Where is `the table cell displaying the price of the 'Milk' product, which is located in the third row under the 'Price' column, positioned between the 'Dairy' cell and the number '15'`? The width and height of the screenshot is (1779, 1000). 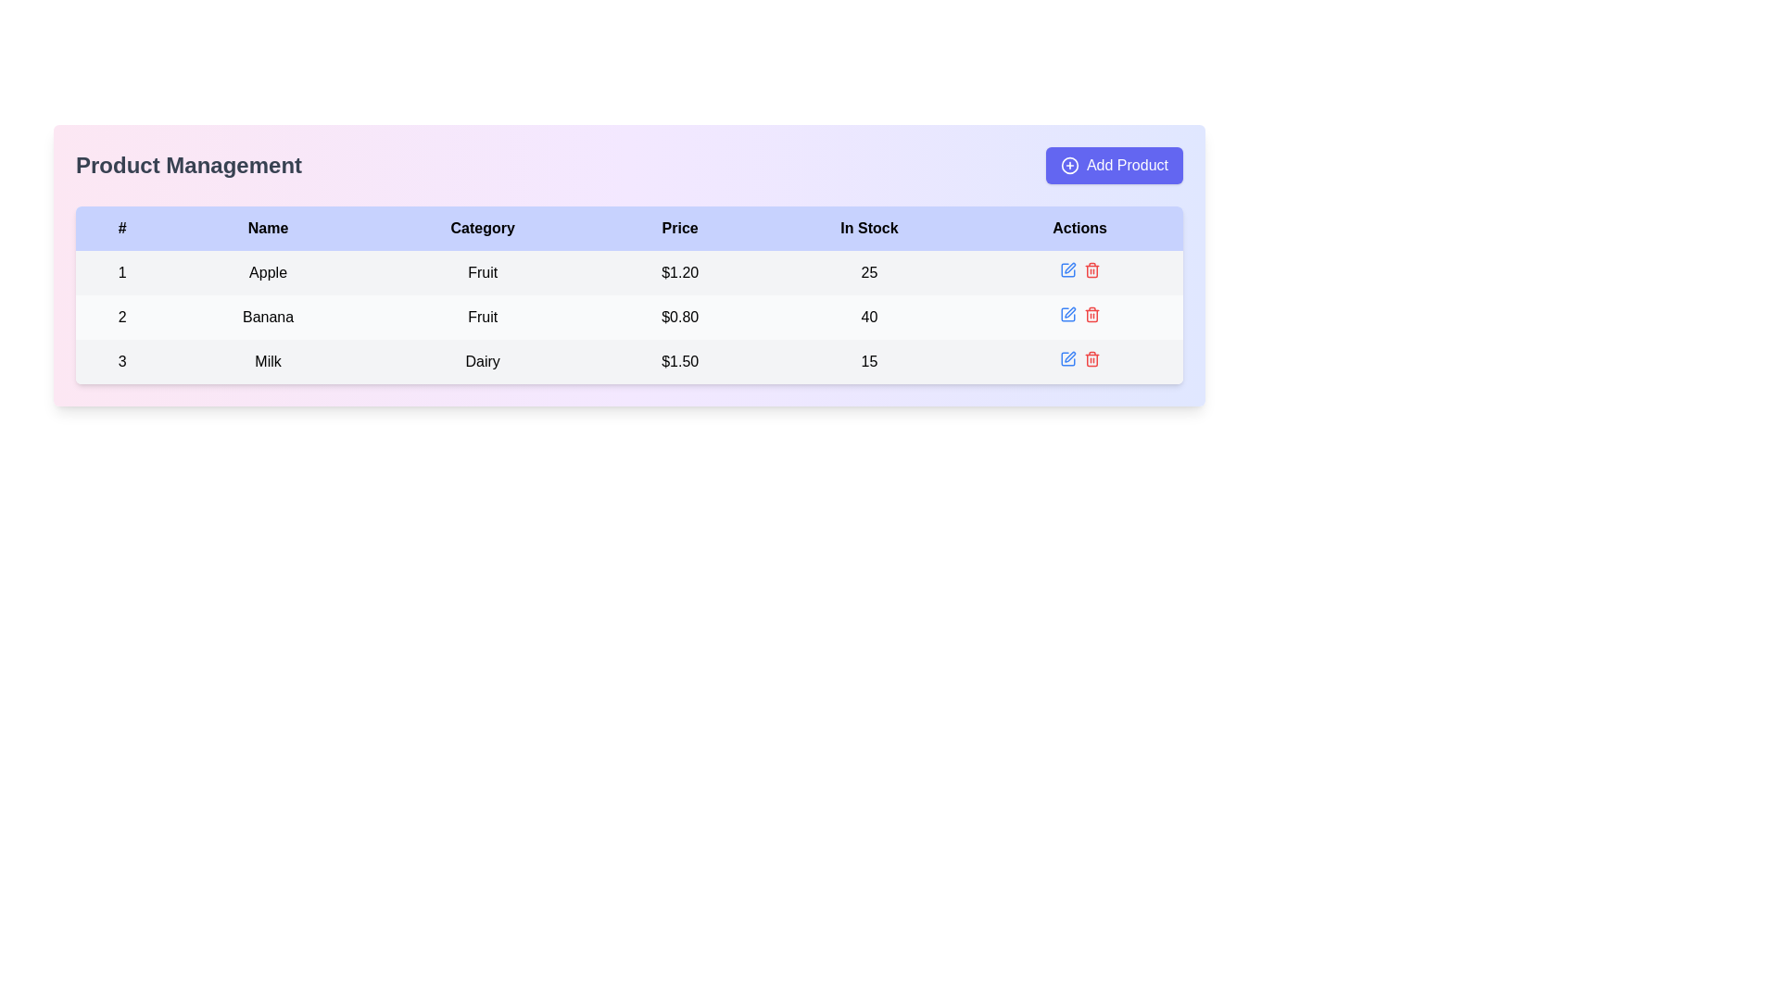 the table cell displaying the price of the 'Milk' product, which is located in the third row under the 'Price' column, positioned between the 'Dairy' cell and the number '15' is located at coordinates (679, 361).